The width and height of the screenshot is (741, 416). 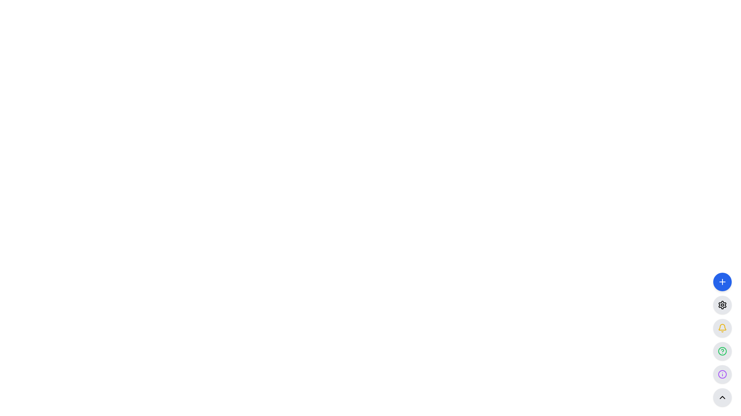 I want to click on the circular interactive button with a blue background and a white '+' icon located in the lower right corner of the interface, so click(x=722, y=282).